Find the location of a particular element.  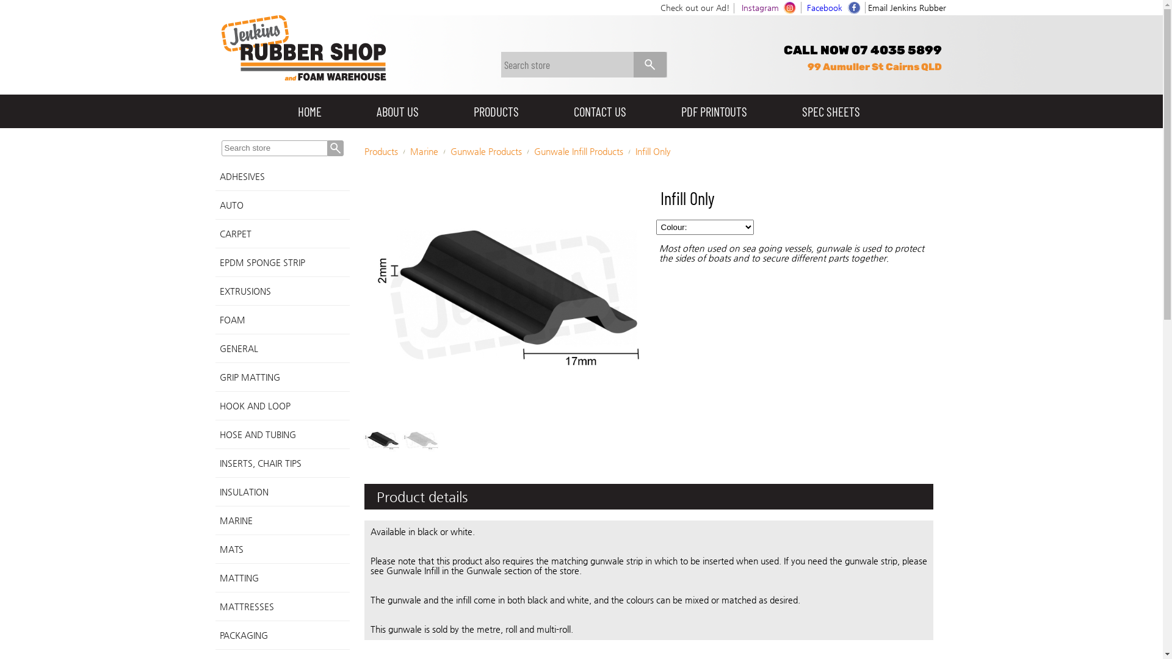

'MATS' is located at coordinates (281, 549).